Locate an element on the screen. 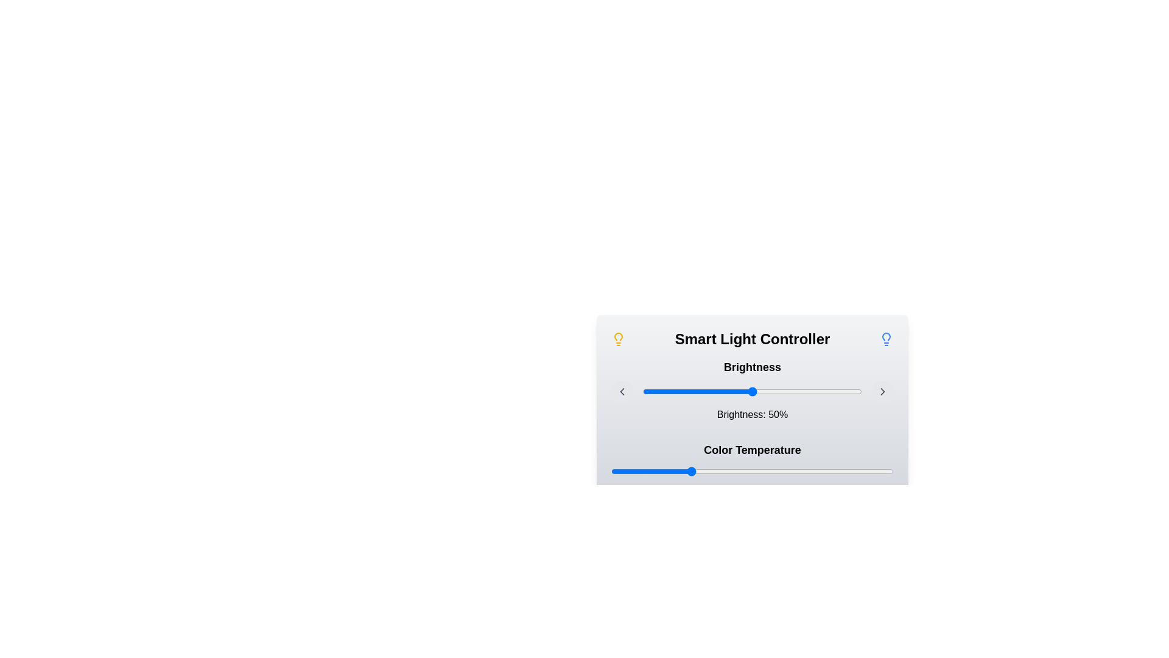  the left-pointing chevron icon located in the top-left corner of the Smart Light Controller interface is located at coordinates (622, 392).